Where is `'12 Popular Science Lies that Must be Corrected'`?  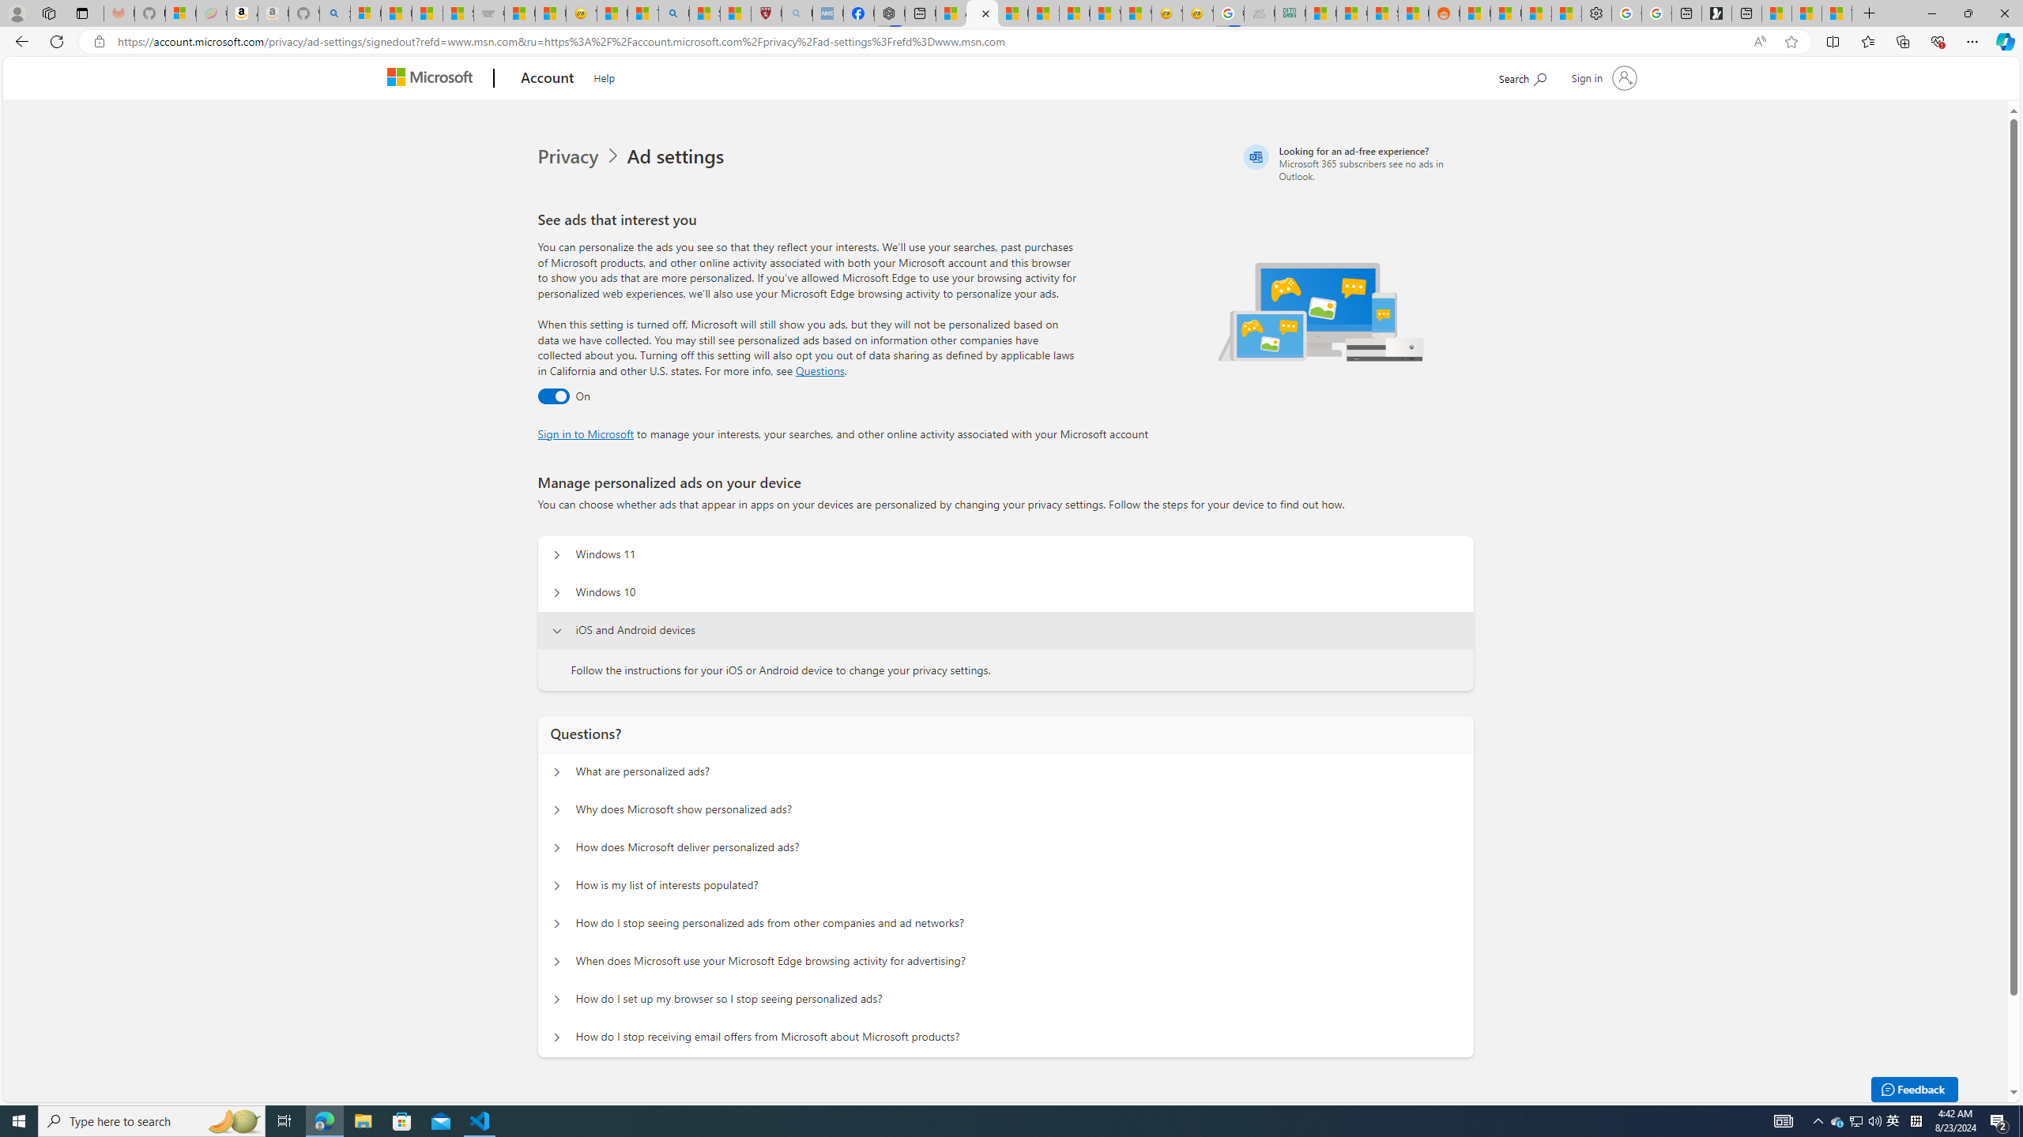 '12 Popular Science Lies that Must be Corrected' is located at coordinates (735, 13).